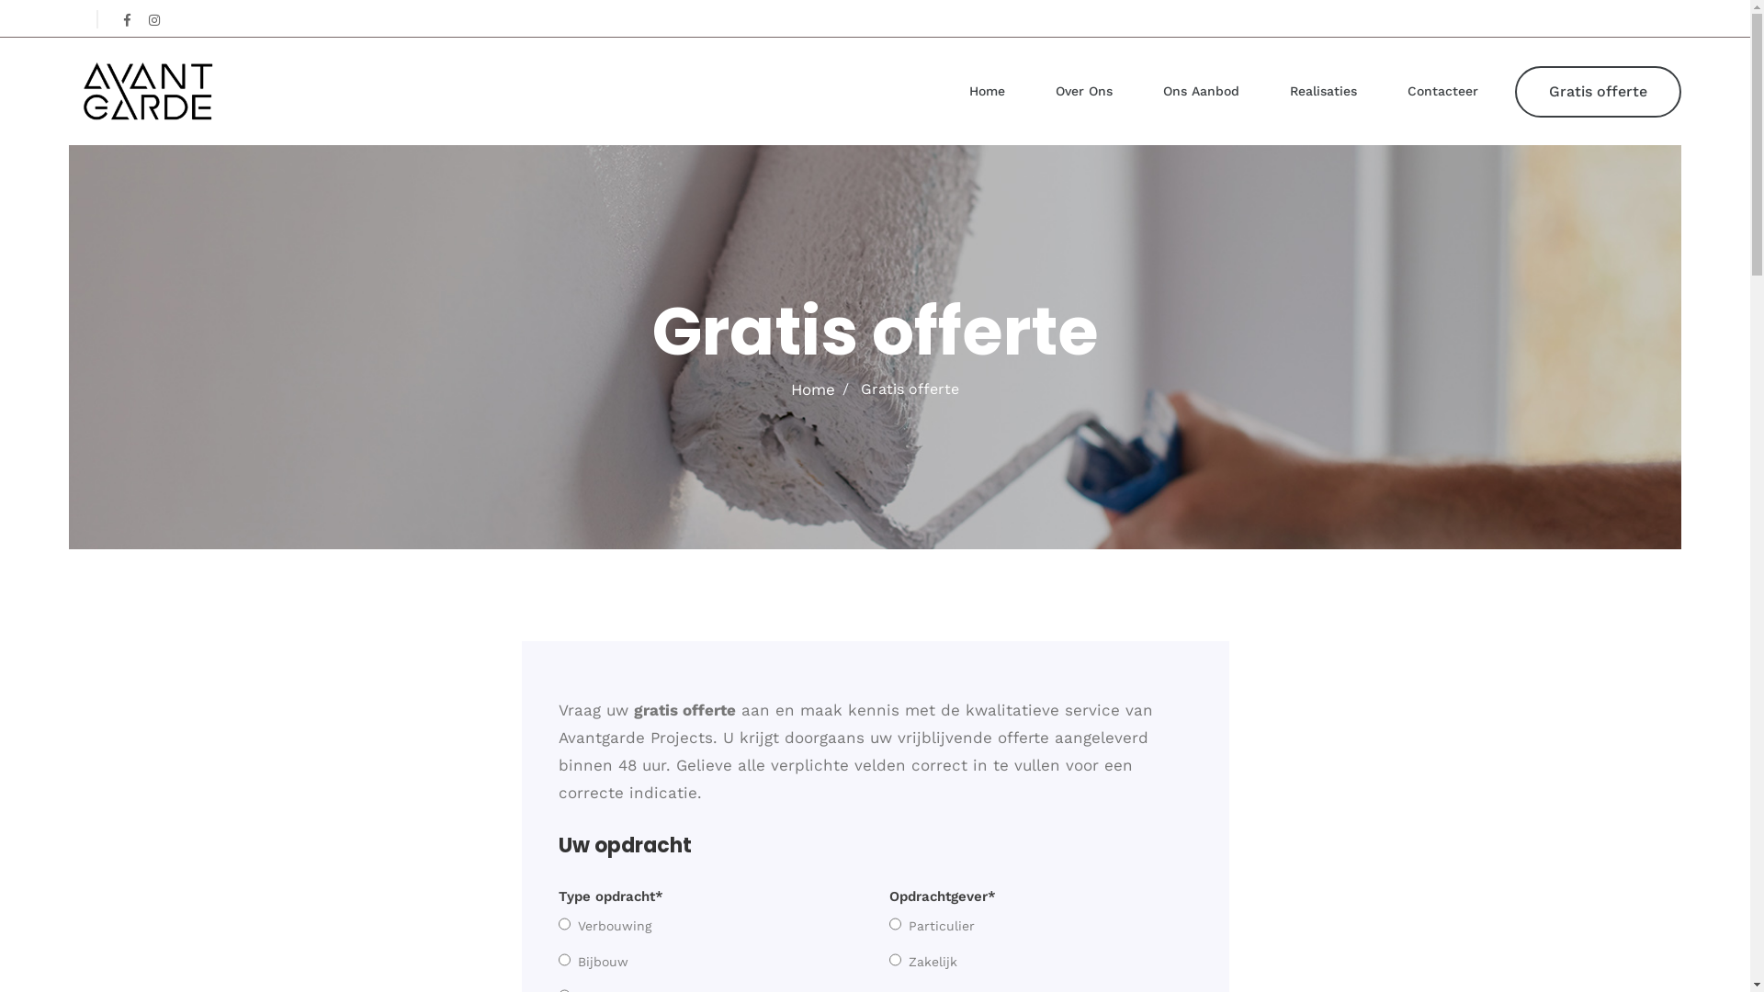 This screenshot has height=992, width=1764. What do you see at coordinates (1084, 91) in the screenshot?
I see `'Over Ons'` at bounding box center [1084, 91].